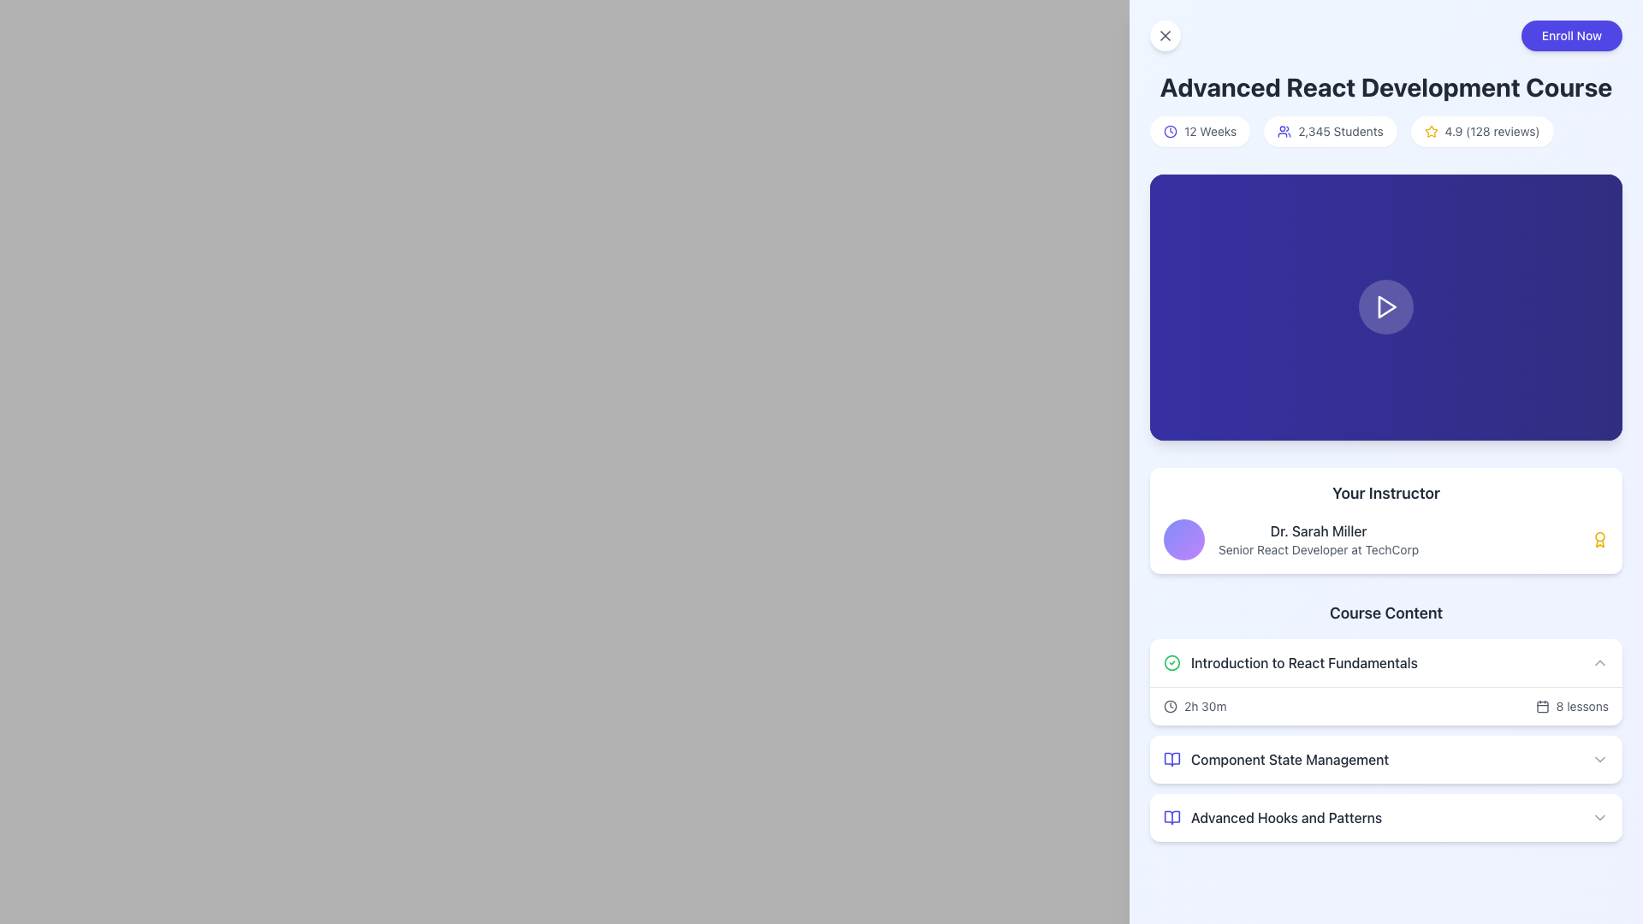 This screenshot has width=1643, height=924. What do you see at coordinates (1318, 549) in the screenshot?
I see `the static text label displaying 'Senior React Developer at TechCorp', which is the second line under 'Your Instructor' on the right side of the interface` at bounding box center [1318, 549].